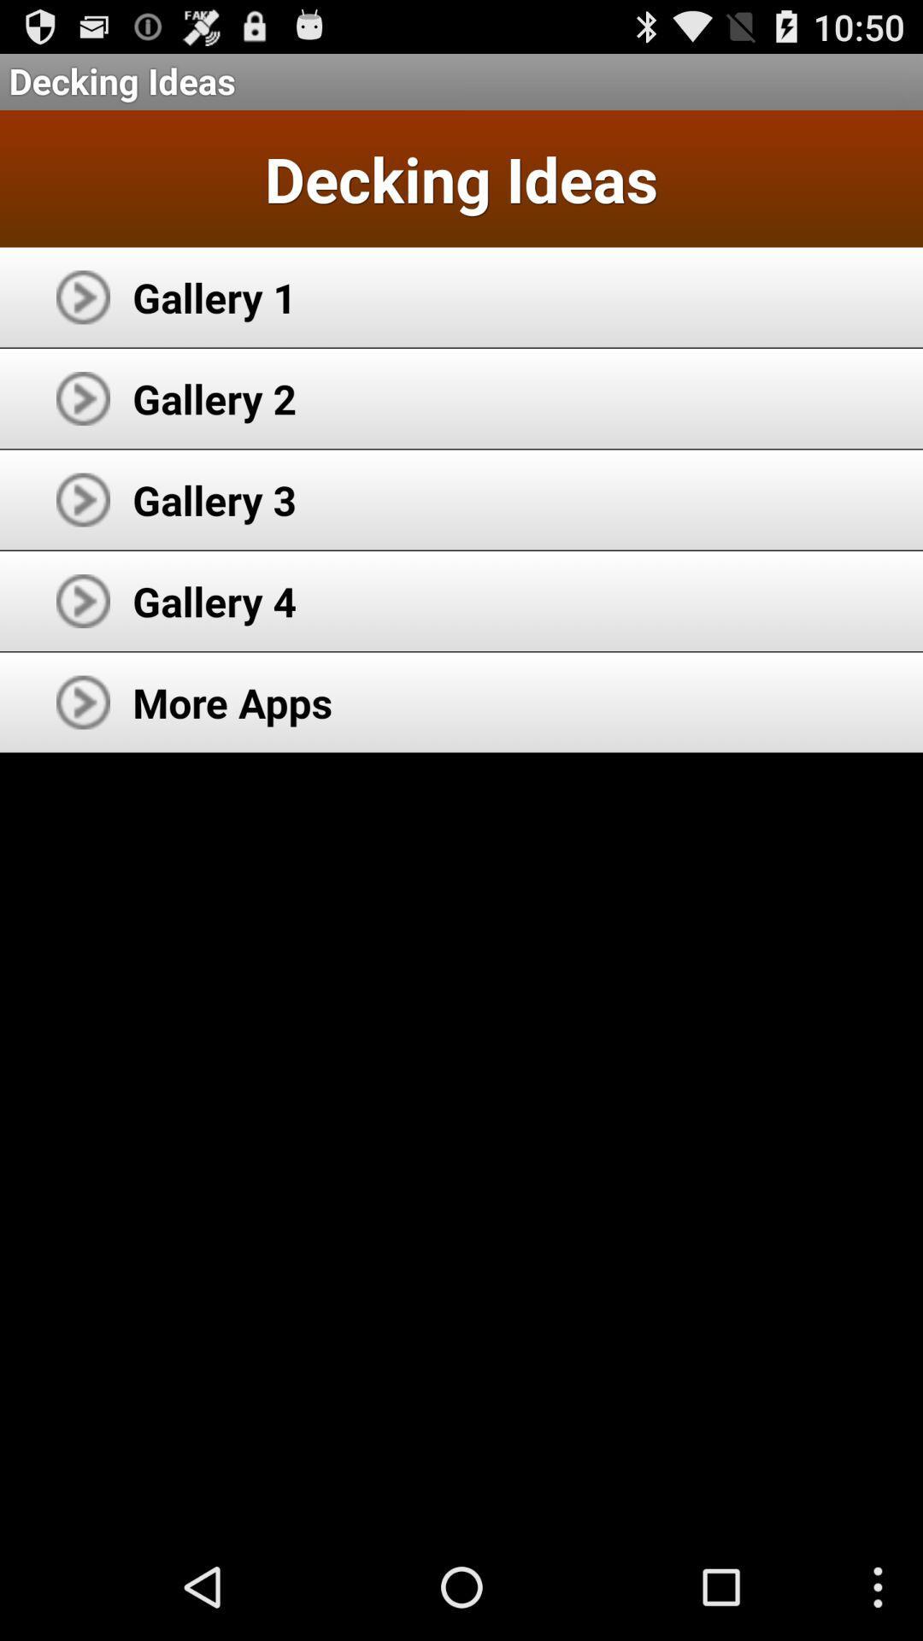 The image size is (923, 1641). I want to click on item below the gallery 1 icon, so click(214, 397).